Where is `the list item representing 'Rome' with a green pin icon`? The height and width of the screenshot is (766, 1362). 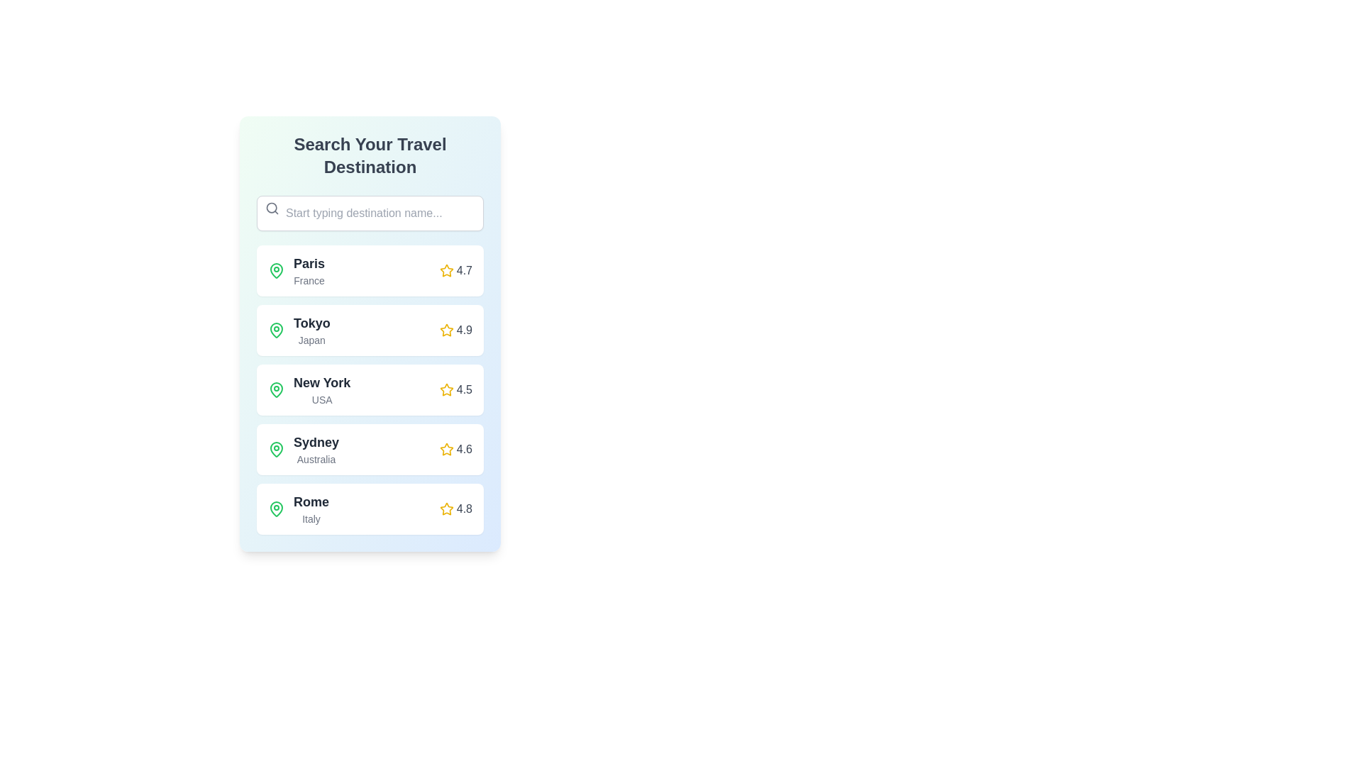
the list item representing 'Rome' with a green pin icon is located at coordinates (298, 508).